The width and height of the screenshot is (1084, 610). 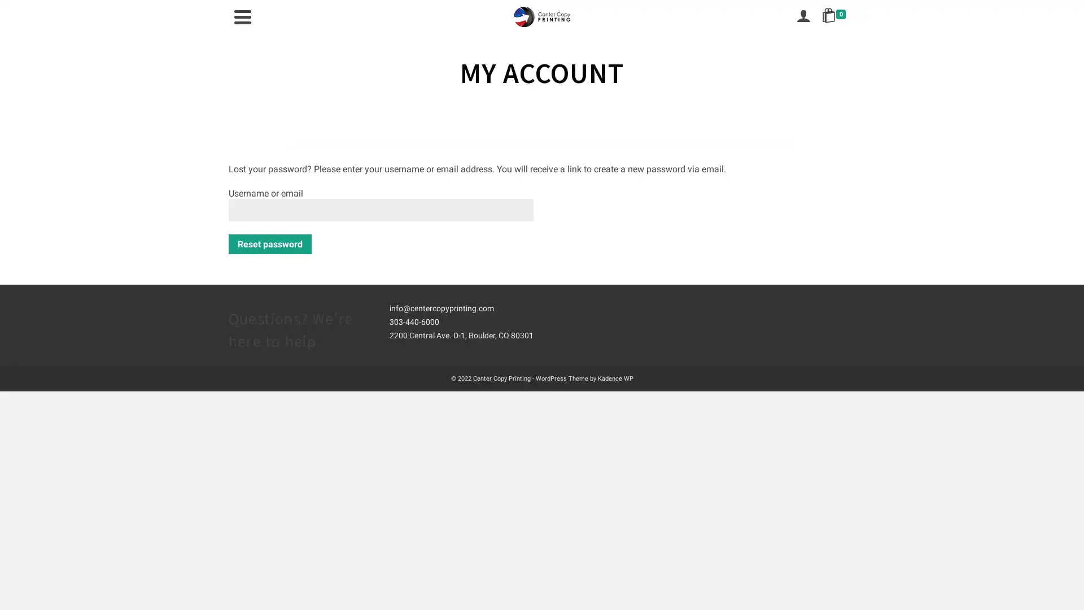 What do you see at coordinates (269, 243) in the screenshot?
I see `Reset password` at bounding box center [269, 243].